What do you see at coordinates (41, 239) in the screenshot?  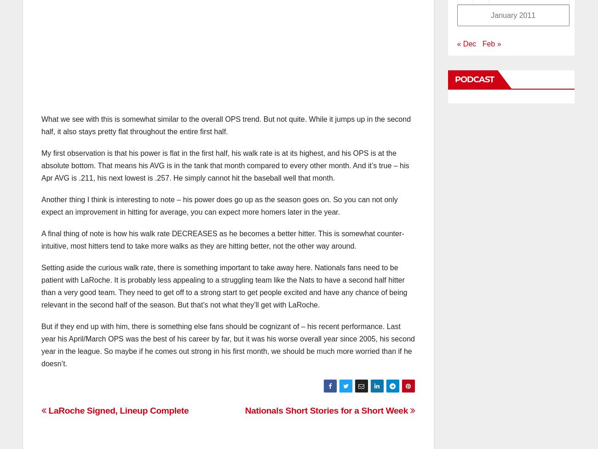 I see `'A final thing of note is how his walk rate DECREASES as he becomes a better hitter. This is somewhat counter-intuitive, most hitters tend to take more walks as they are hitting better, not the other way around.'` at bounding box center [41, 239].